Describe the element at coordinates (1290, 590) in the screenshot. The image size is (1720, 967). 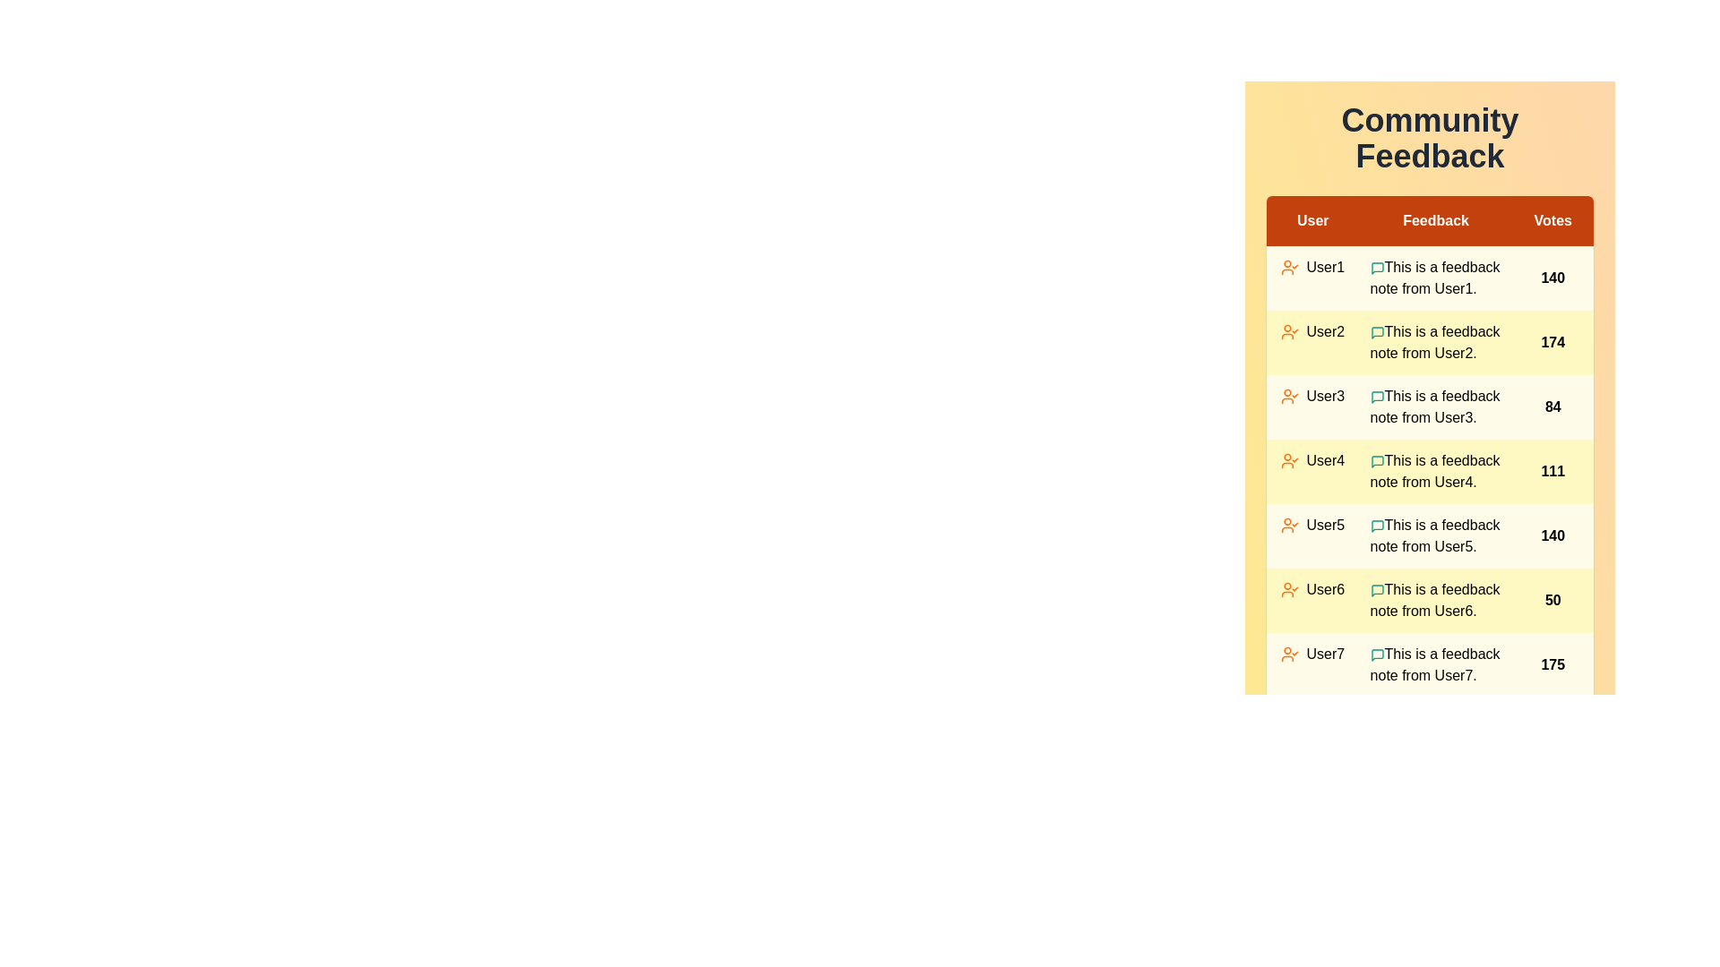
I see `the user icon corresponding to User6 to view their details` at that location.